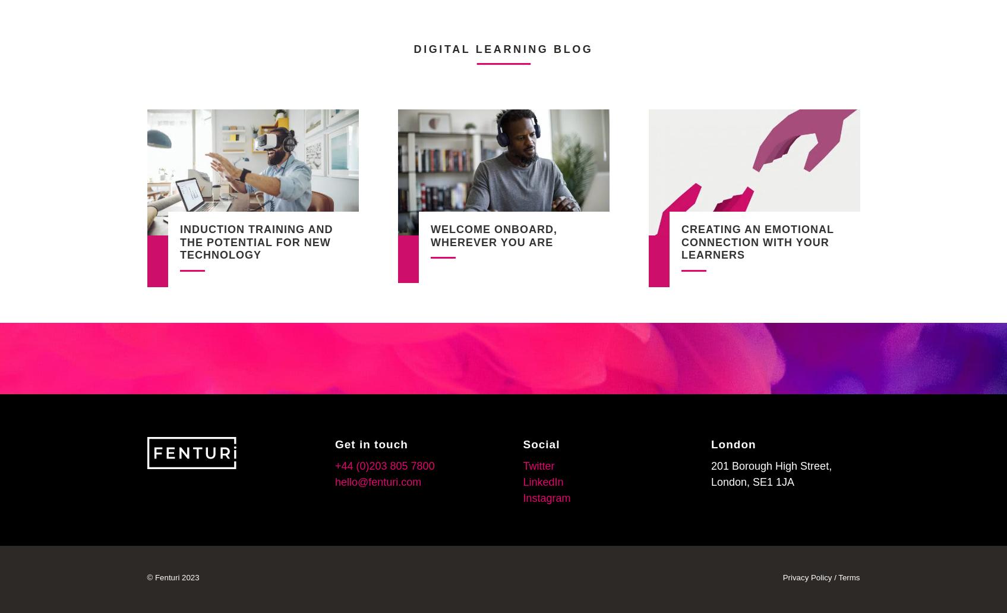  Describe the element at coordinates (384, 465) in the screenshot. I see `'+44 (0)203 805 7800'` at that location.